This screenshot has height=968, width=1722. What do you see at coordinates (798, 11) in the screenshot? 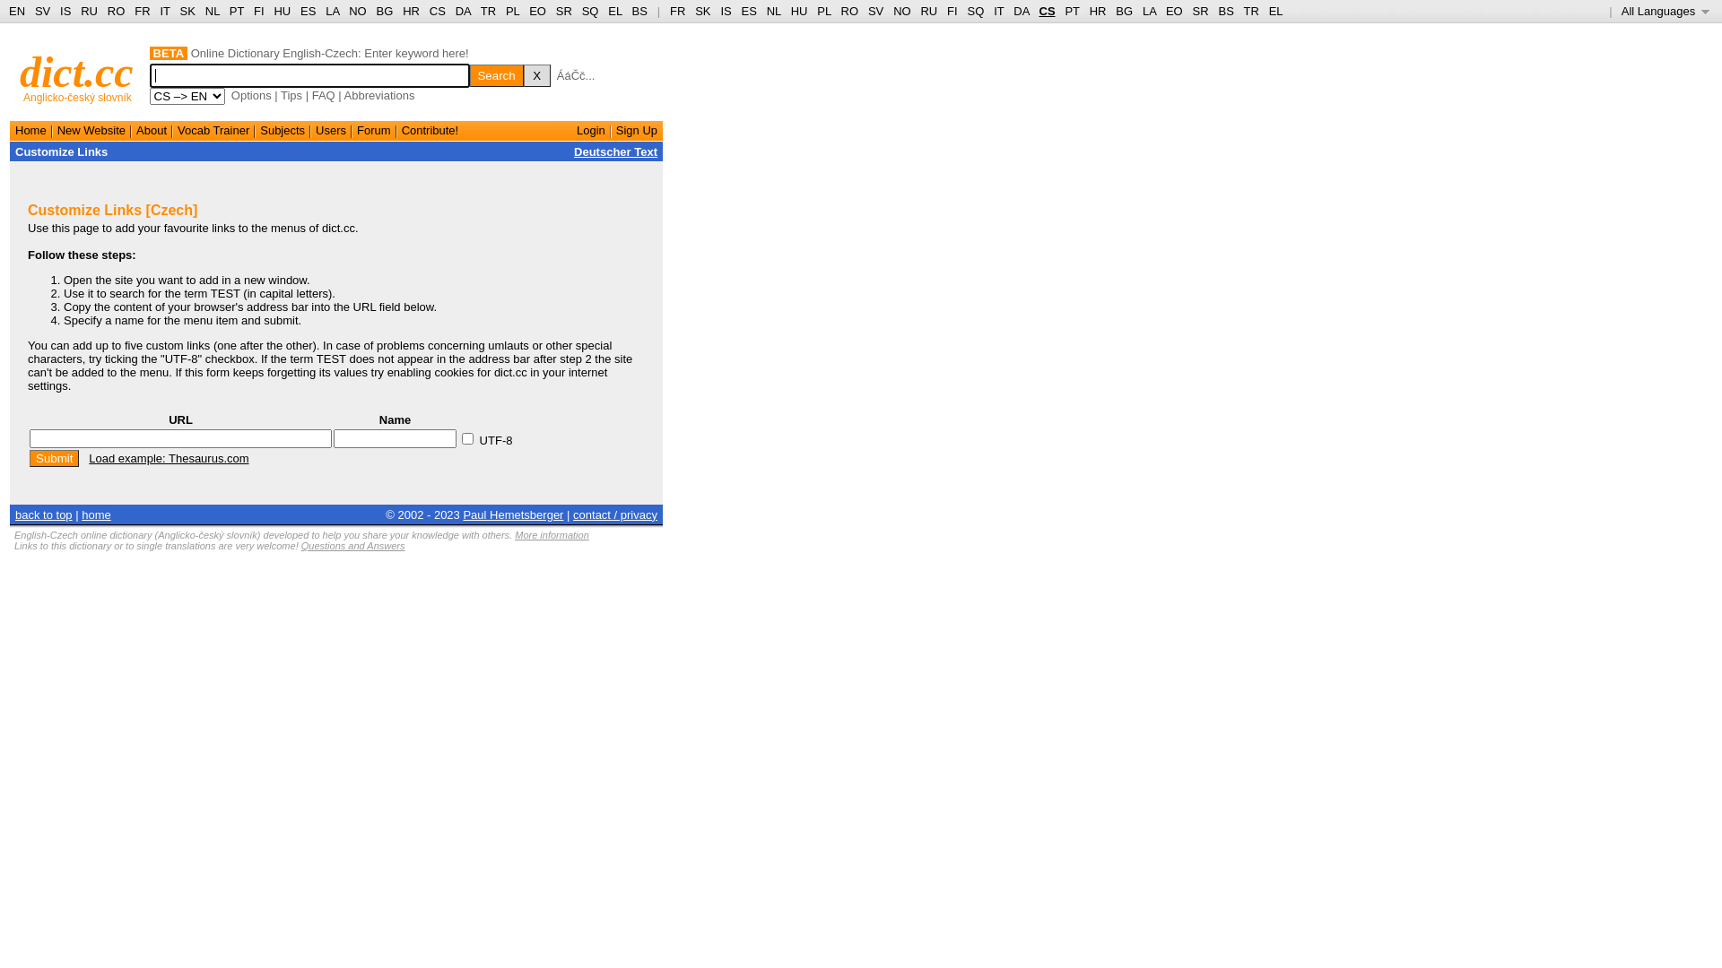
I see `'HU'` at bounding box center [798, 11].